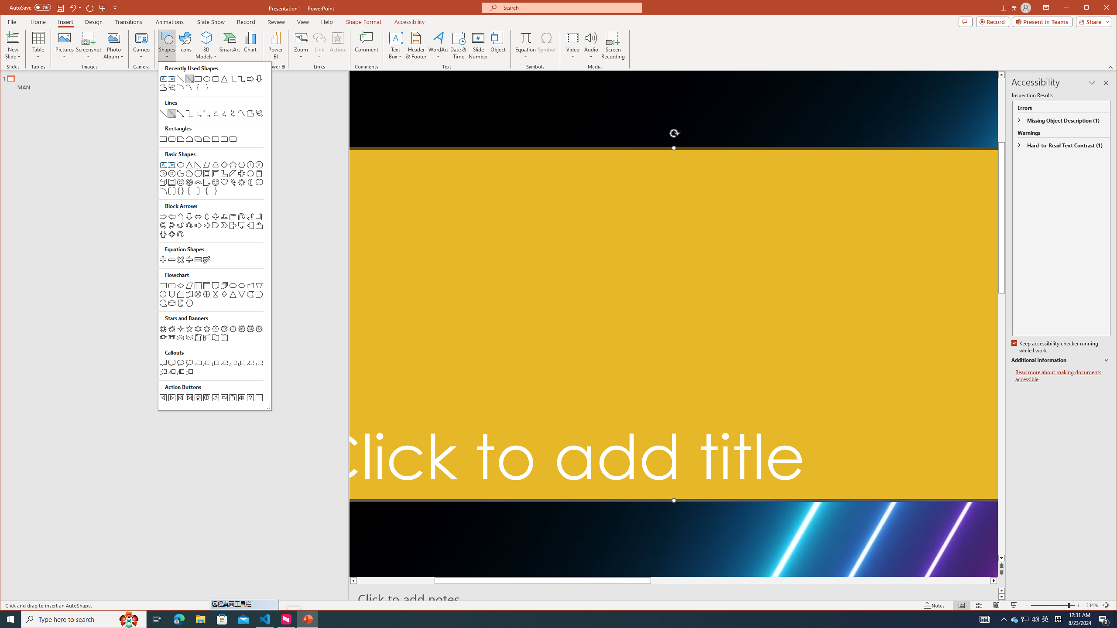 The width and height of the screenshot is (1117, 628). I want to click on 'Maximize', so click(1099, 8).